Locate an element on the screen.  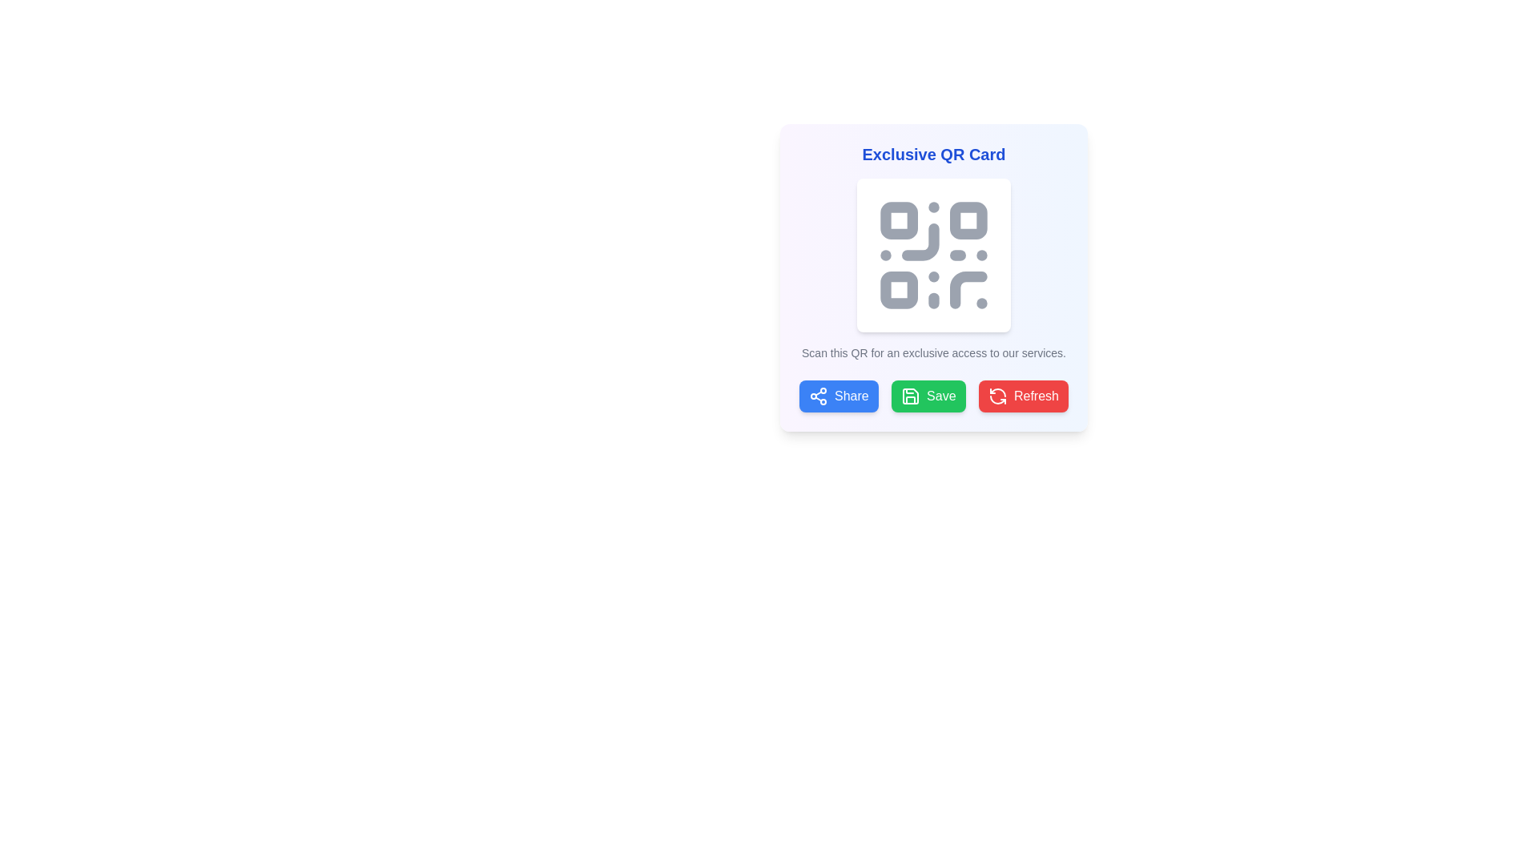
the green 'Save' button, which is the second button from the left in a row of three buttons is located at coordinates (928, 396).